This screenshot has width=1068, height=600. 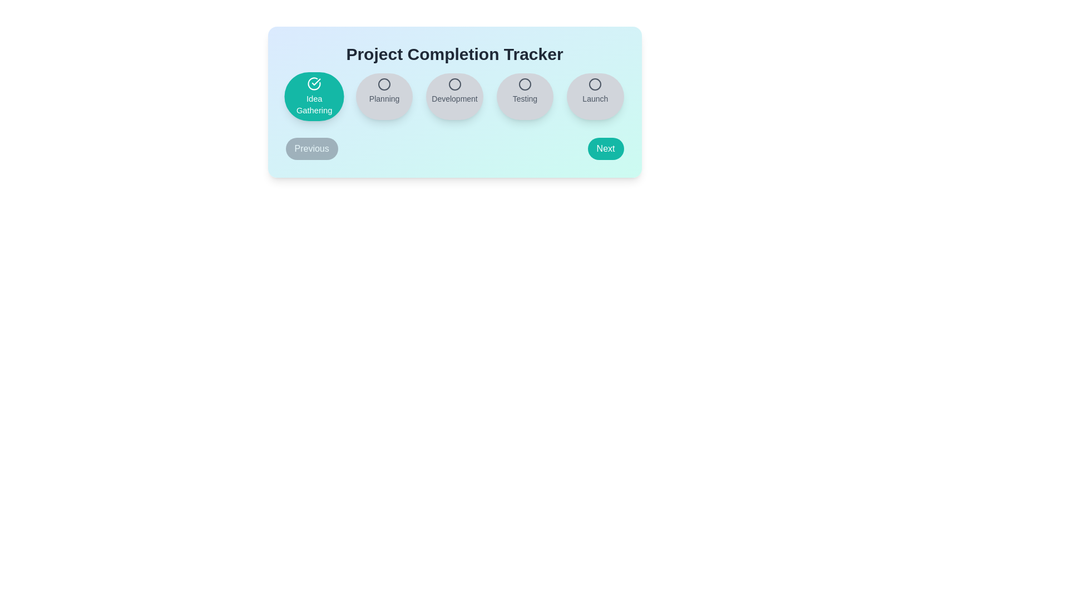 I want to click on the fifth circular icon, so click(x=595, y=83).